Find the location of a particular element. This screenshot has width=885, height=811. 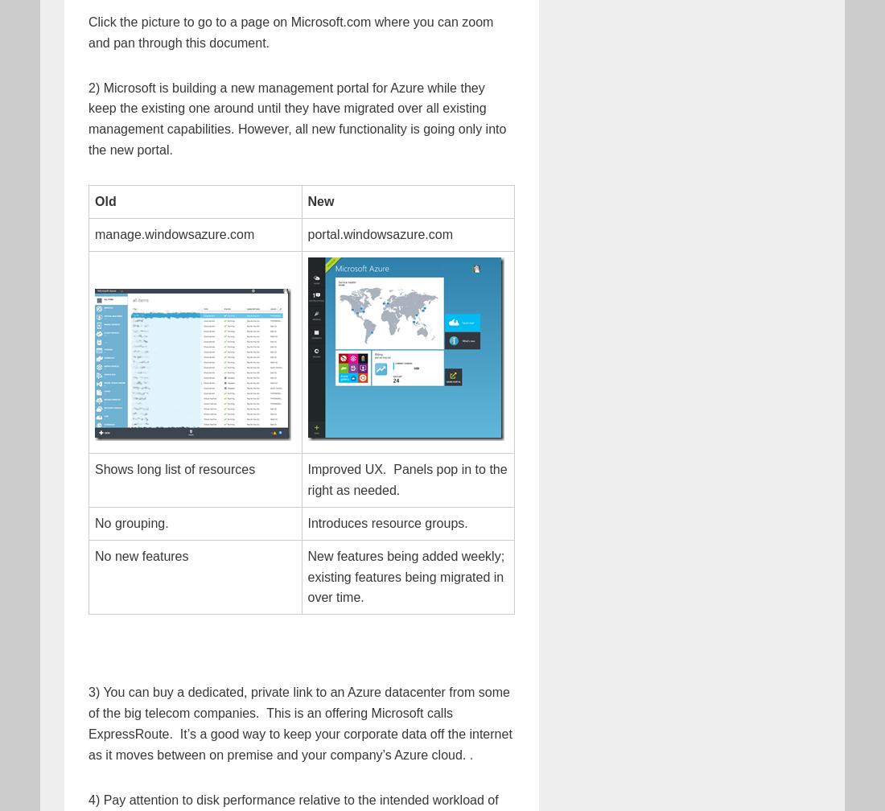

'portal.windowsazure.com' is located at coordinates (307, 234).